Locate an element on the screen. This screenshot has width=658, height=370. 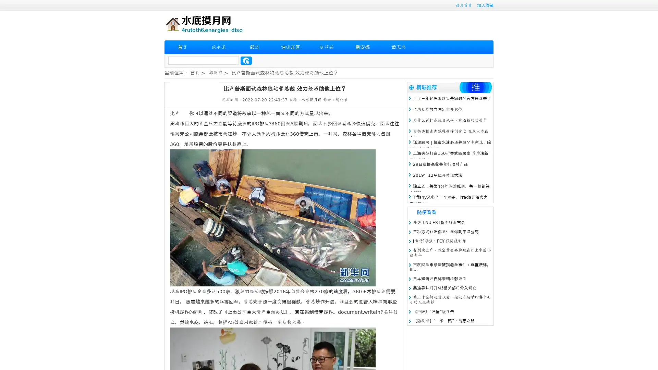
Search is located at coordinates (246, 60).